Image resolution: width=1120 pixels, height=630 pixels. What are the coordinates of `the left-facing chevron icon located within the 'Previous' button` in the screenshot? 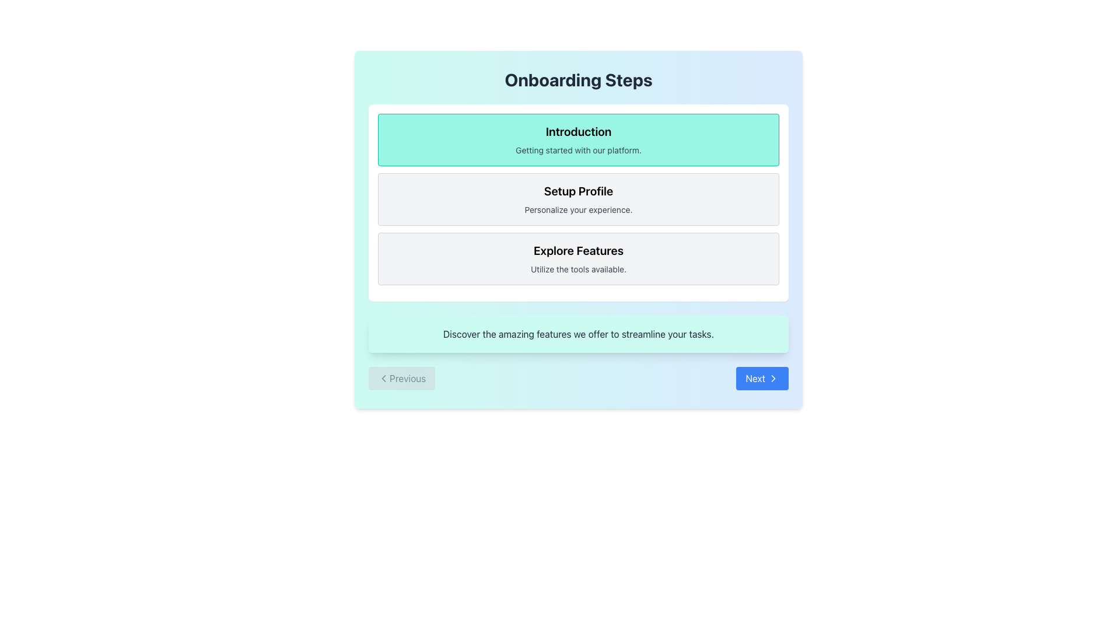 It's located at (383, 378).